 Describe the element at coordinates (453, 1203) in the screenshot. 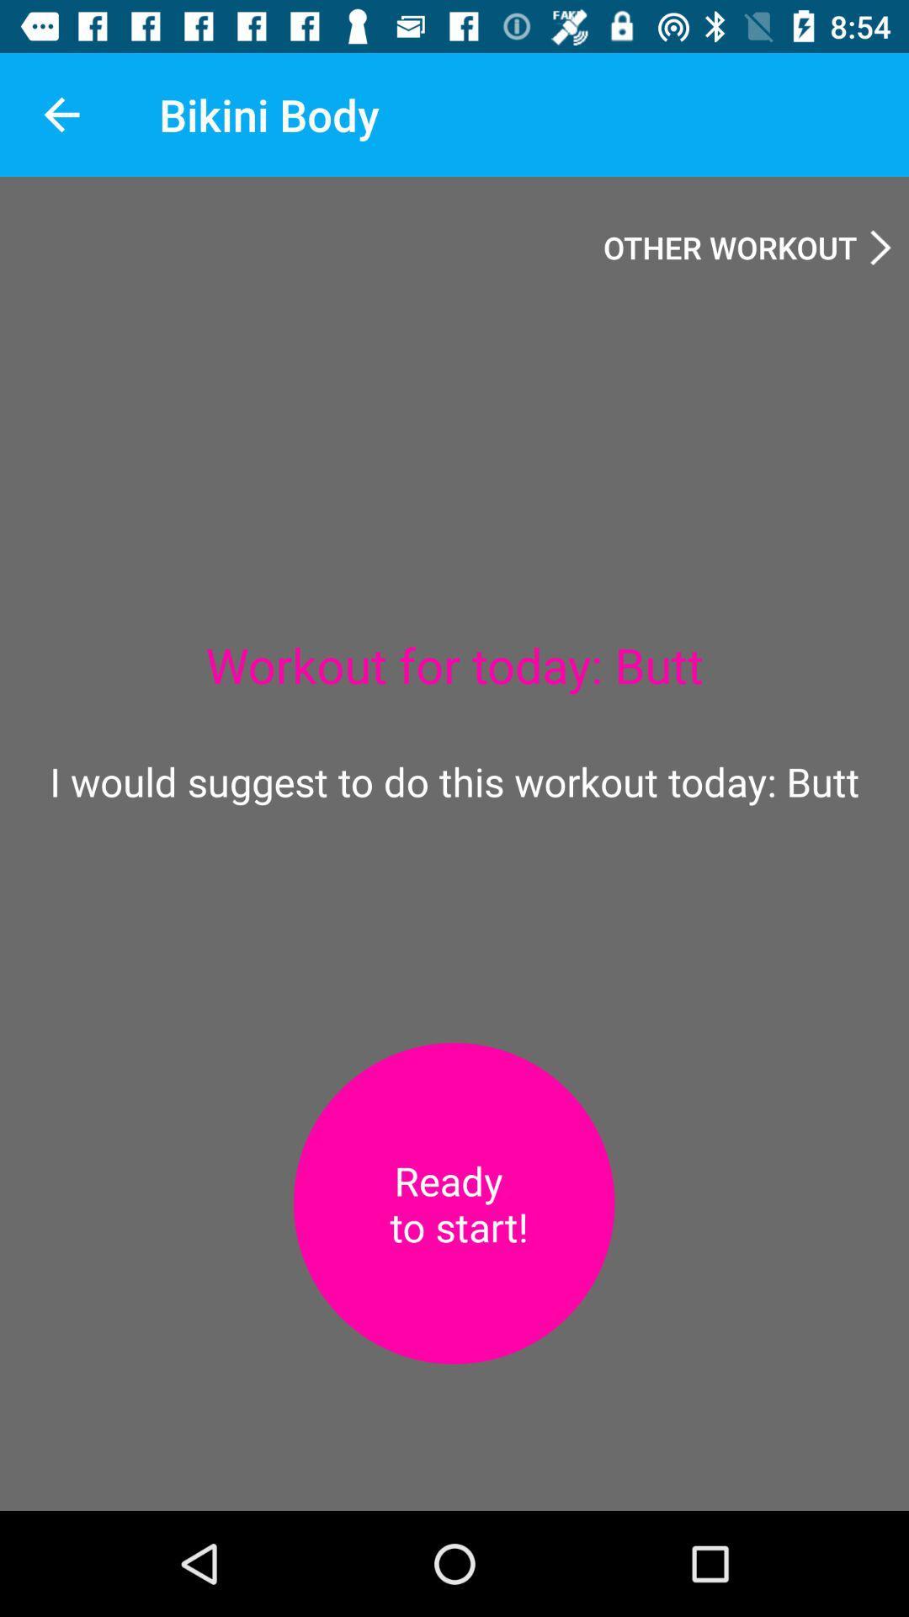

I see `start workout` at that location.